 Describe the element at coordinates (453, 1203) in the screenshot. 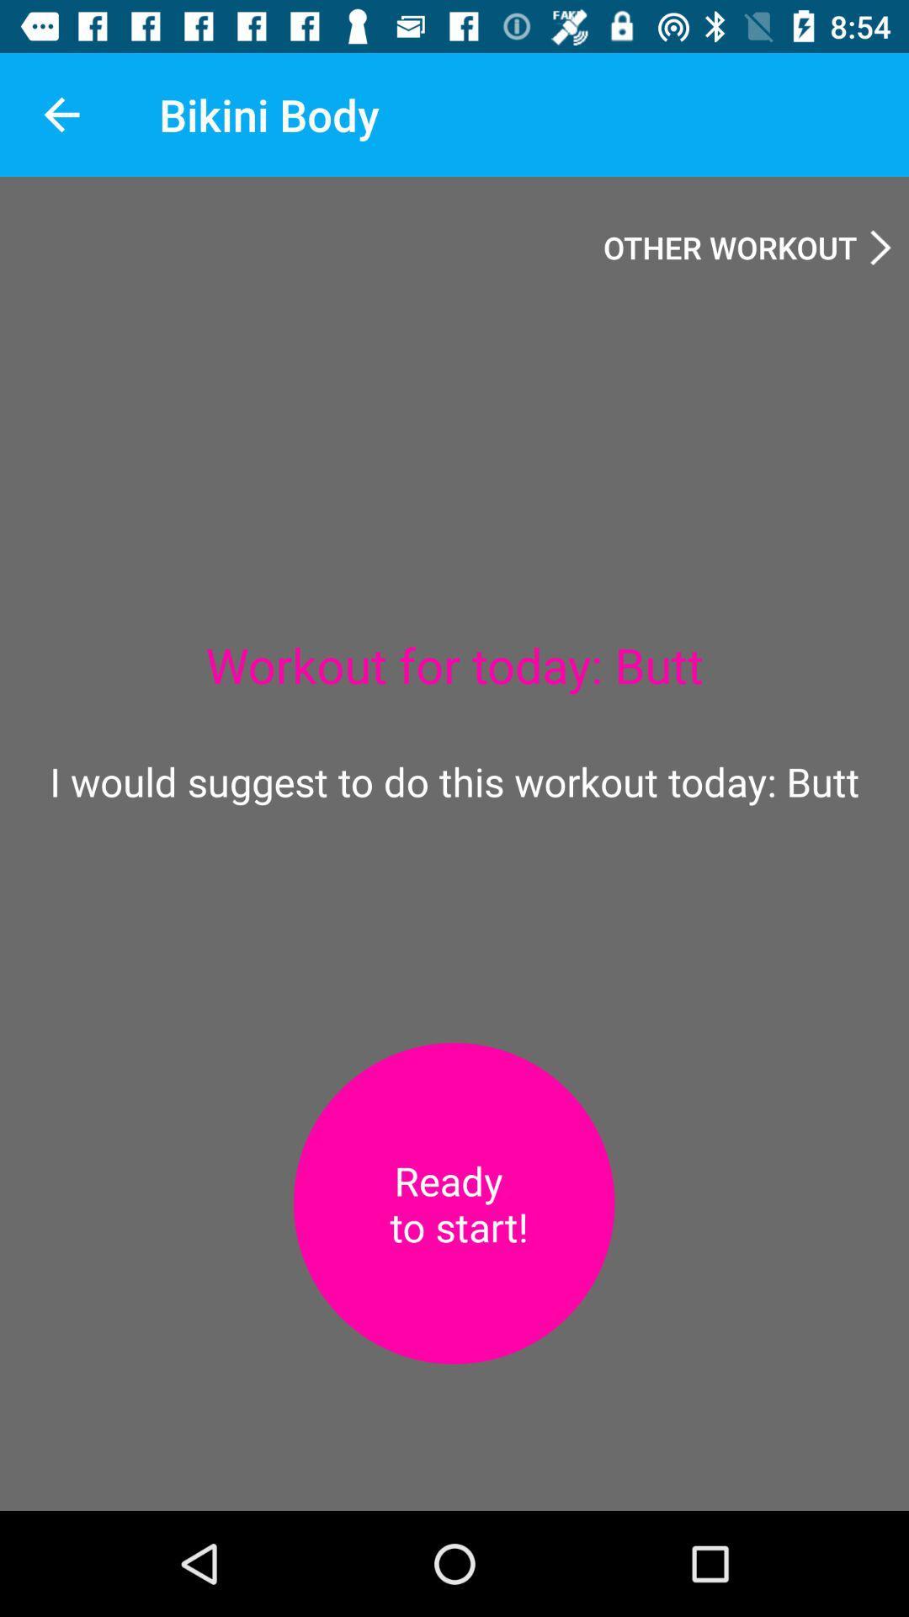

I see `start workout` at that location.